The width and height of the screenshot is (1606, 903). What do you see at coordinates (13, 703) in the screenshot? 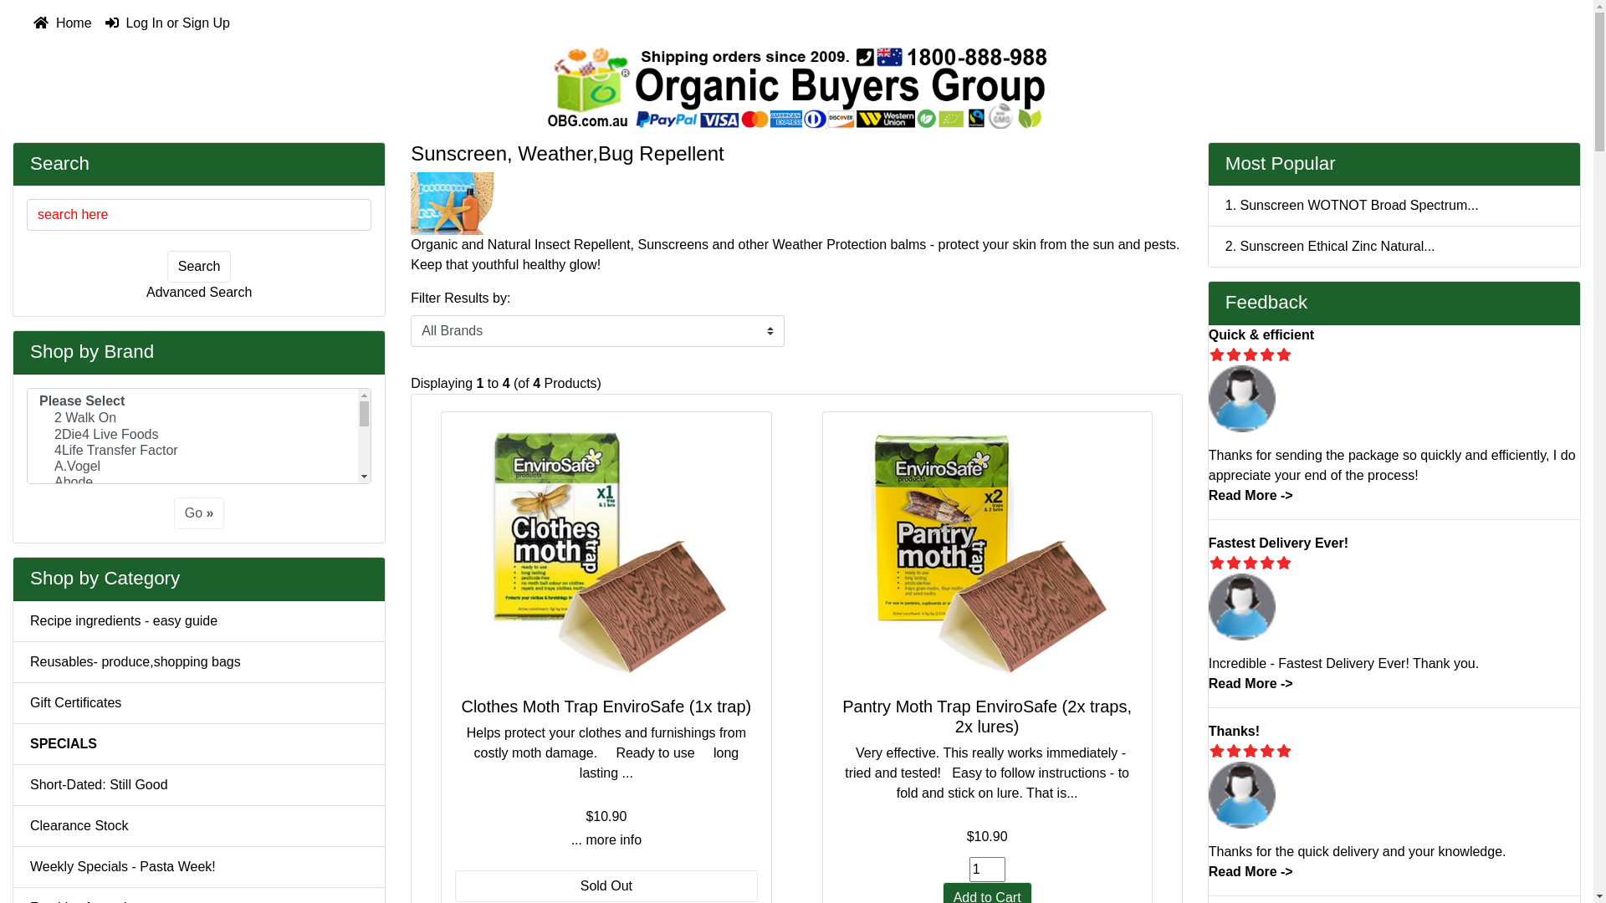
I see `'Gift Certificates'` at bounding box center [13, 703].